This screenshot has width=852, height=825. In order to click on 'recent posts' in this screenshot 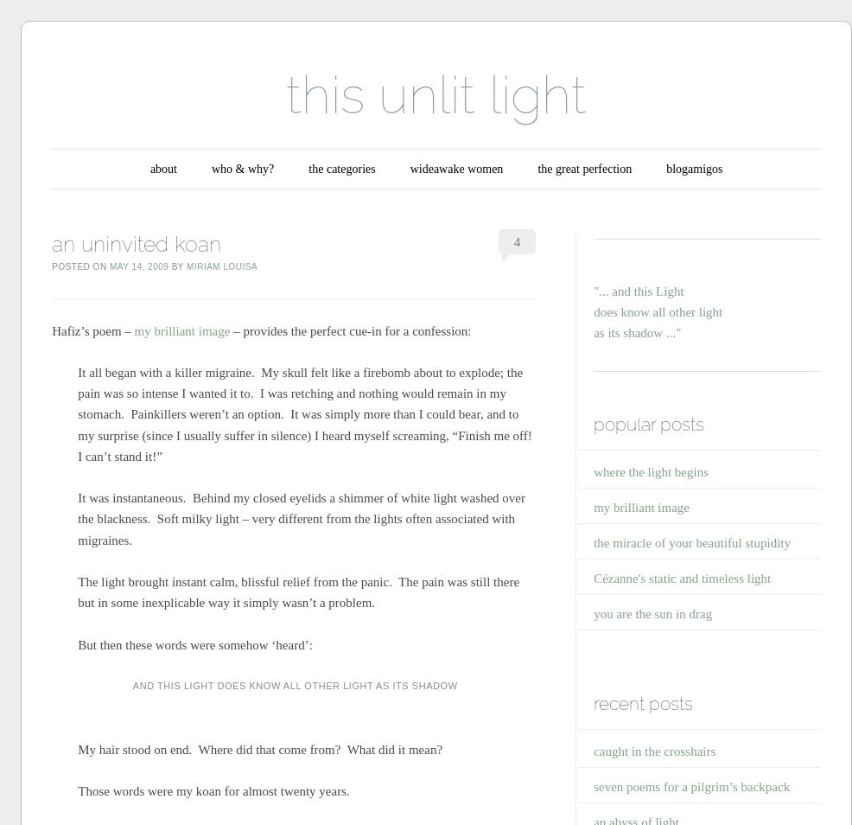, I will do `click(643, 702)`.